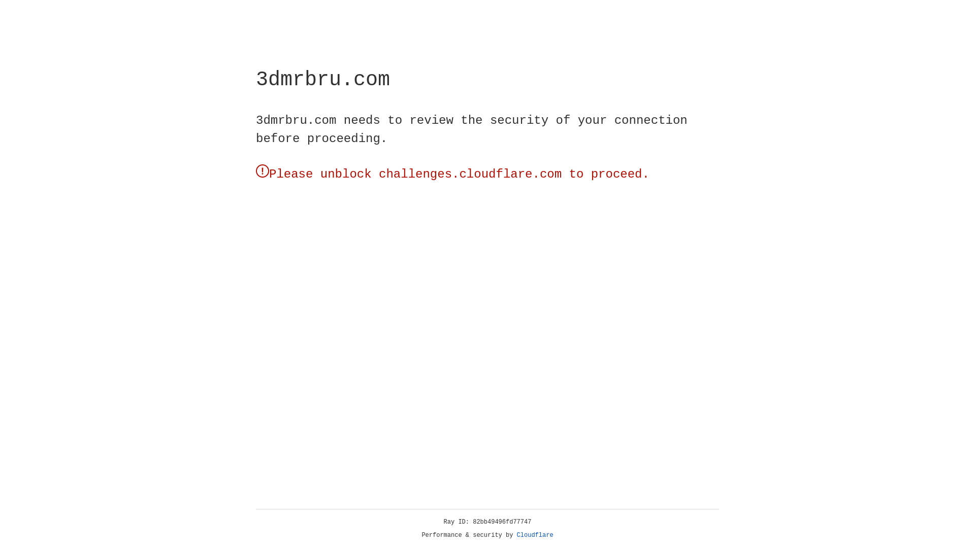 The image size is (975, 548). I want to click on 'Cloudflare', so click(535, 535).